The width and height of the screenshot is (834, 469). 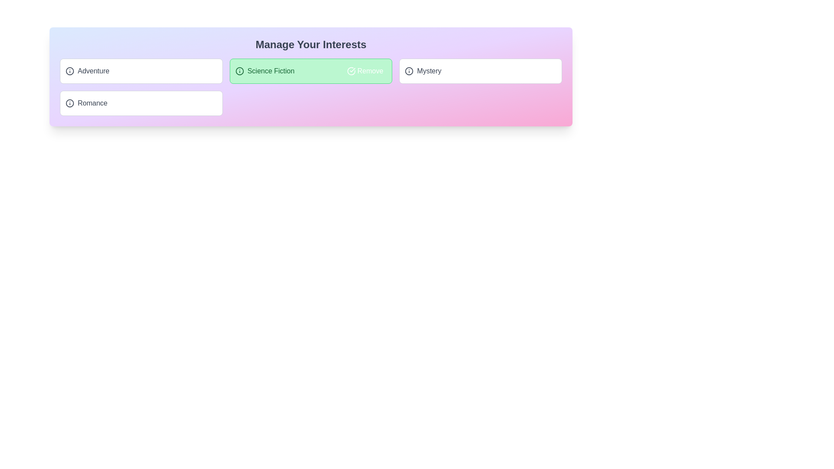 I want to click on the action button next to the tag labeled 'Romance' to toggle its 'added' status, so click(x=202, y=103).